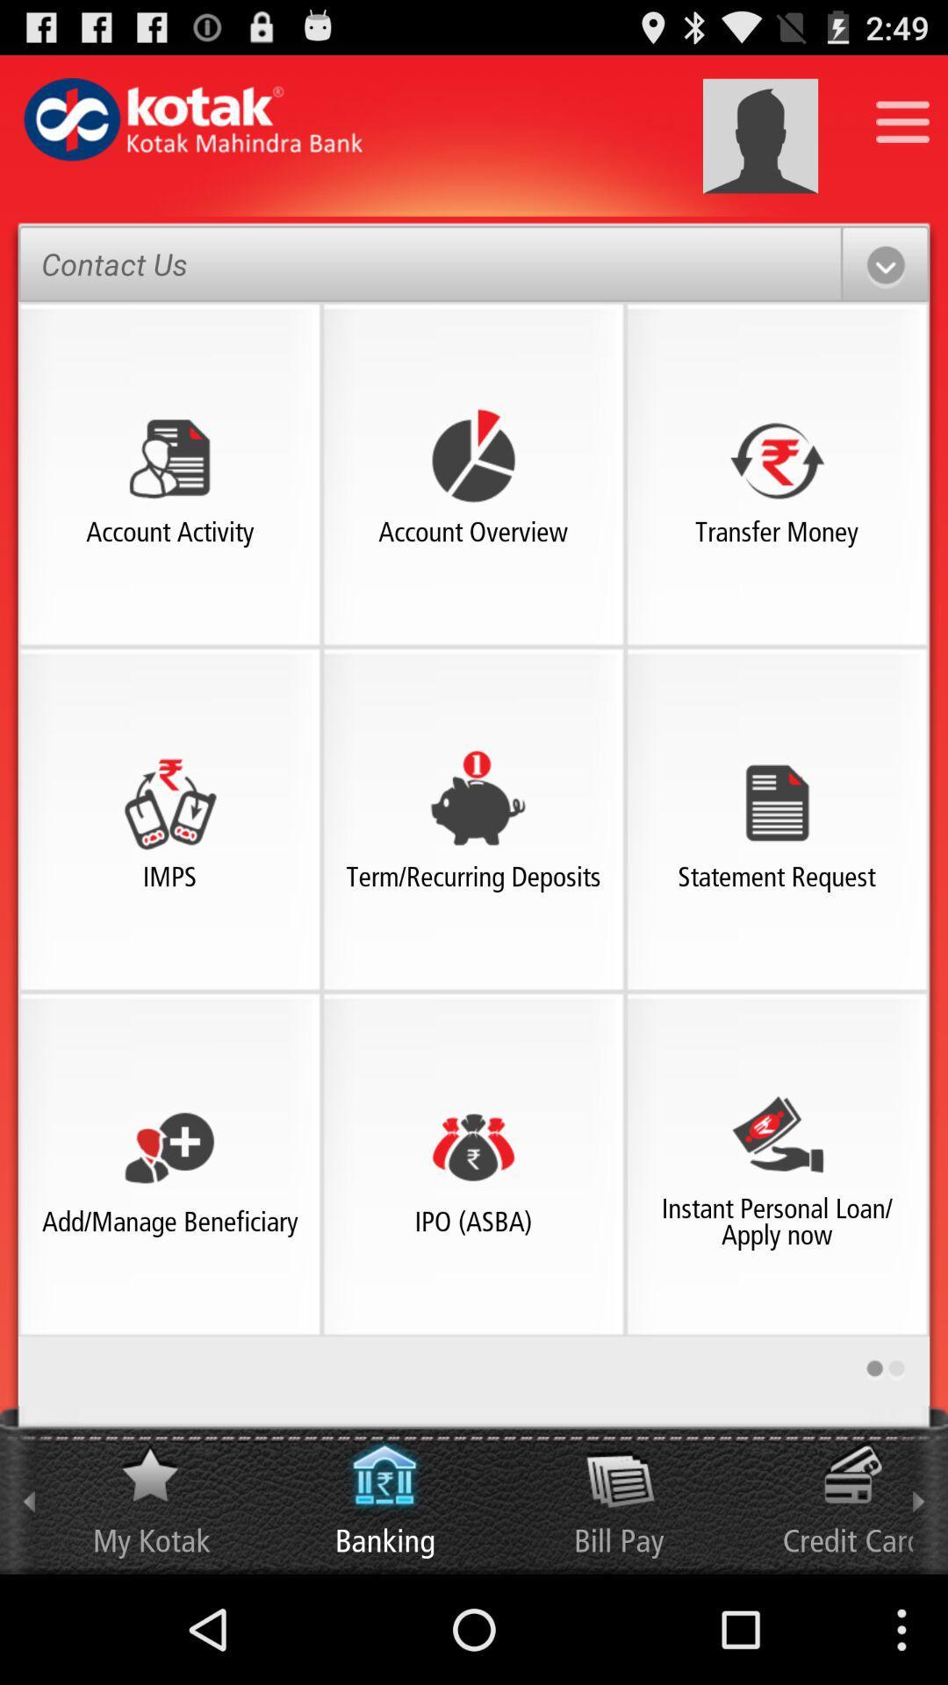  Describe the element at coordinates (902, 129) in the screenshot. I see `the menu icon` at that location.